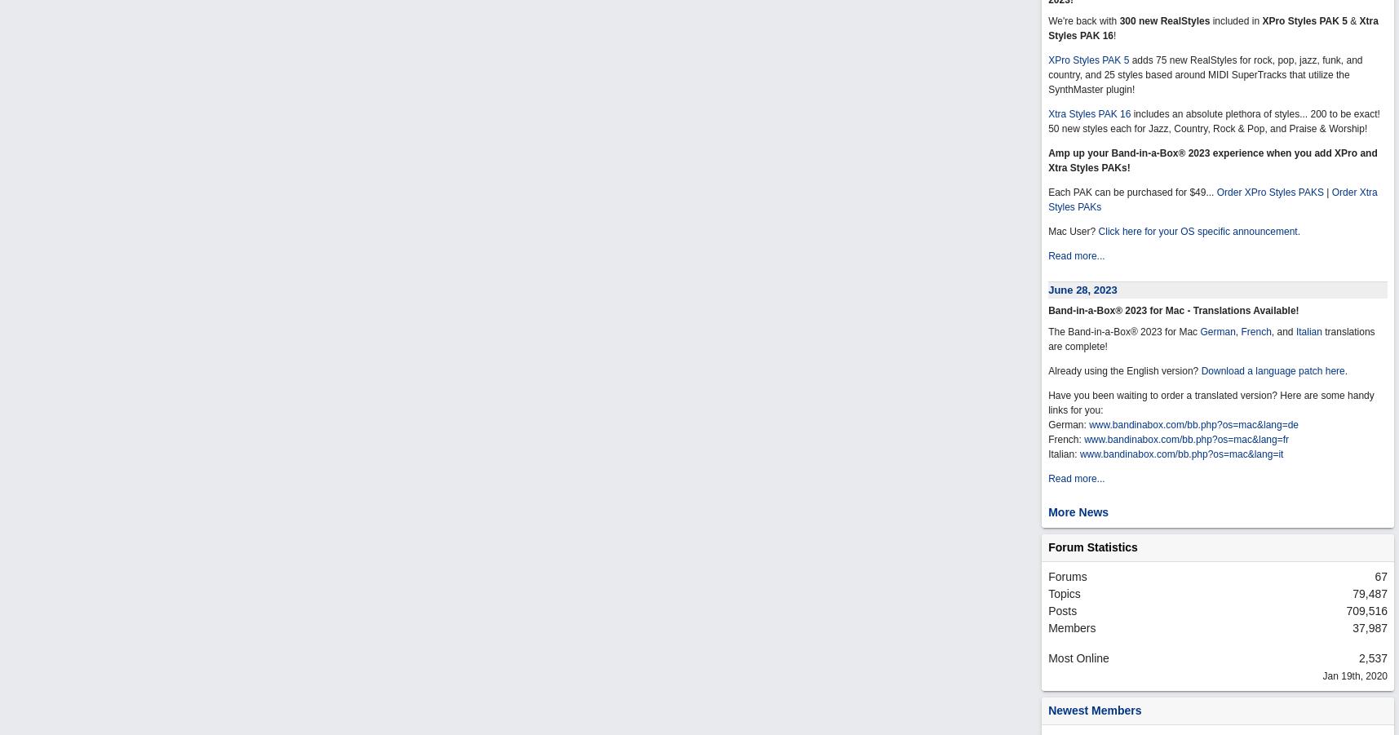  I want to click on 'German:', so click(1067, 423).